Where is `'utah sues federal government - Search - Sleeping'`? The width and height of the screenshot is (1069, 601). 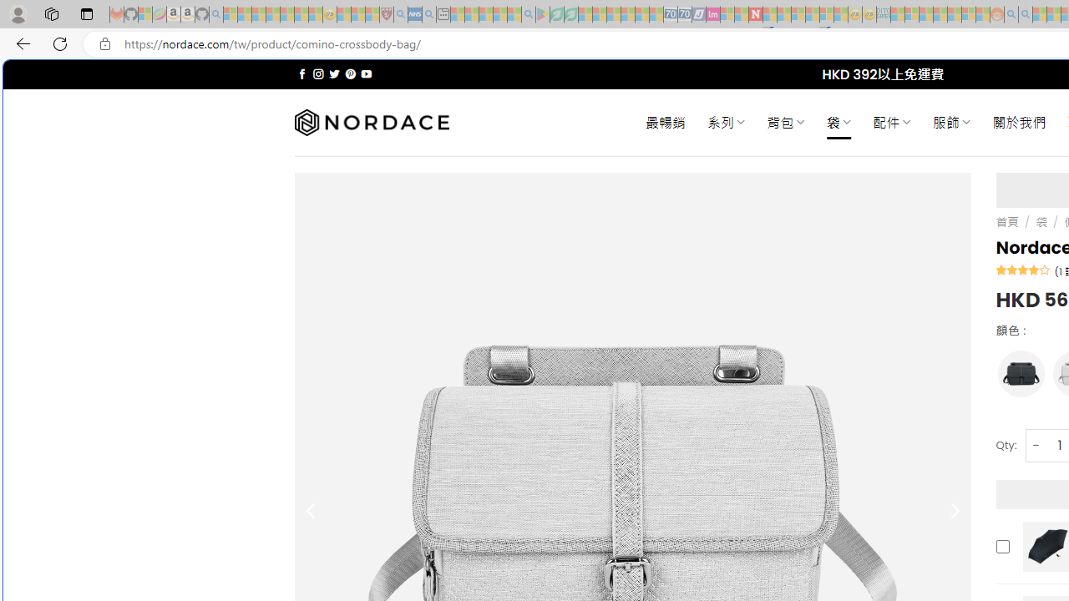 'utah sues federal government - Search - Sleeping' is located at coordinates (428, 14).